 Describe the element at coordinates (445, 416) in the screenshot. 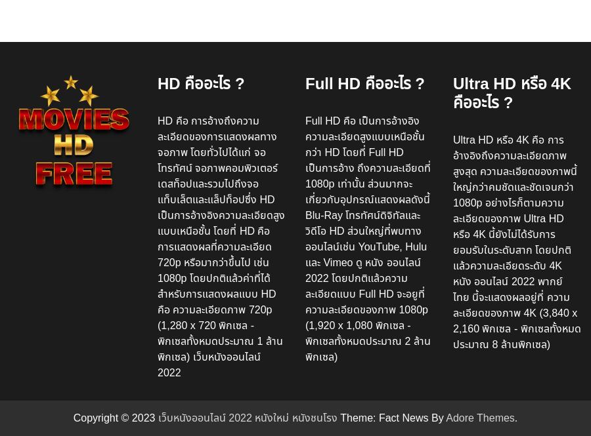

I see `'Adore Themes'` at that location.